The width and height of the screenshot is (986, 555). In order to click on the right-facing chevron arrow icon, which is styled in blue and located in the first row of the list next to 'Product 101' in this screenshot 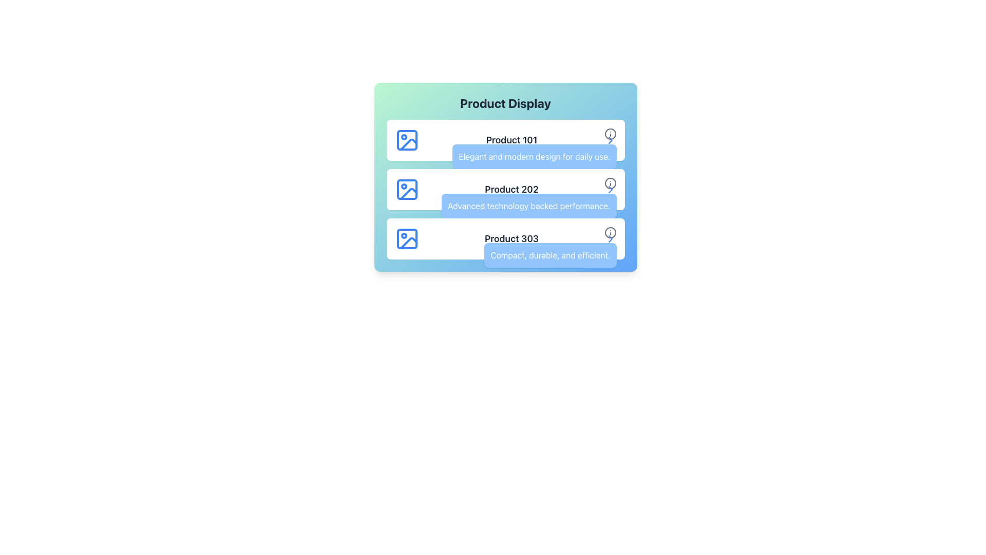, I will do `click(610, 140)`.